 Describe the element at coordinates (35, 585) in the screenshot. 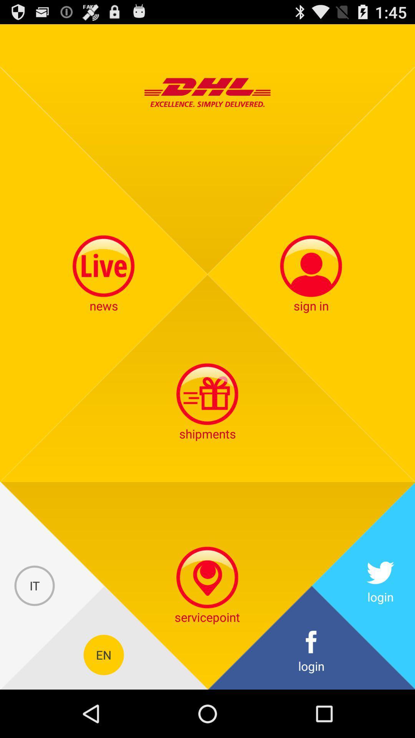

I see `it` at that location.